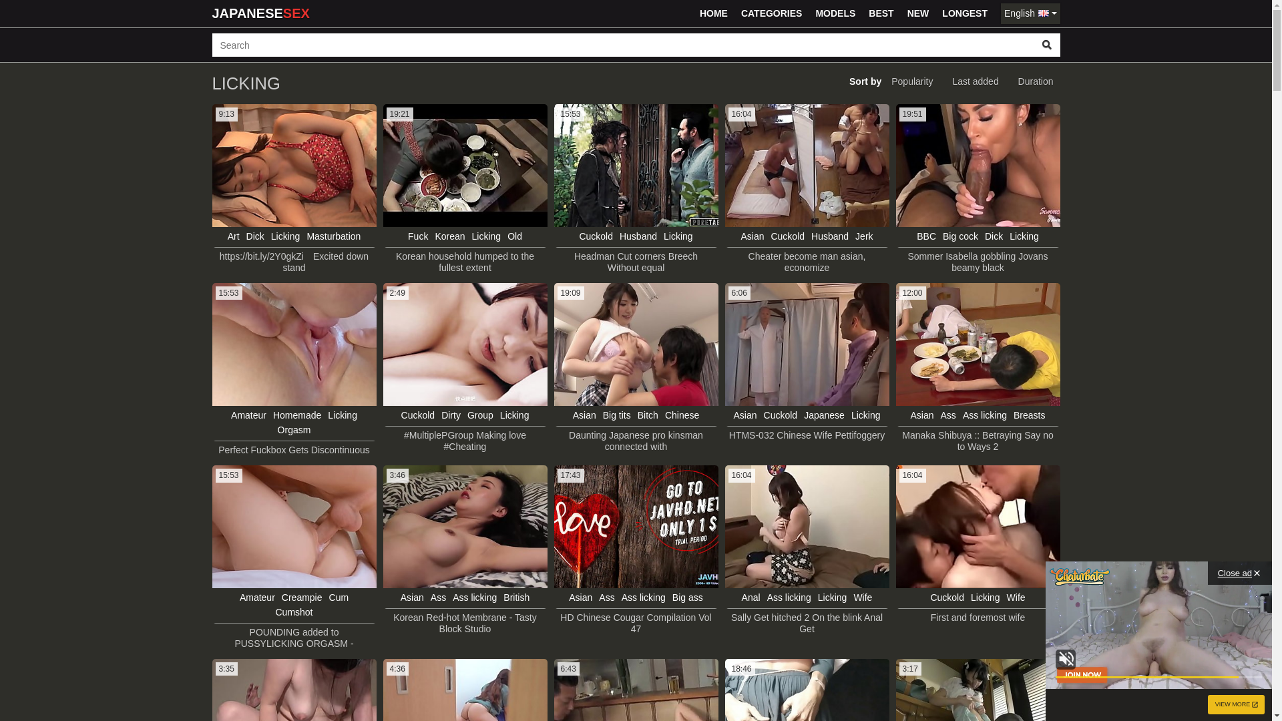  I want to click on 'MODELS', so click(835, 13).